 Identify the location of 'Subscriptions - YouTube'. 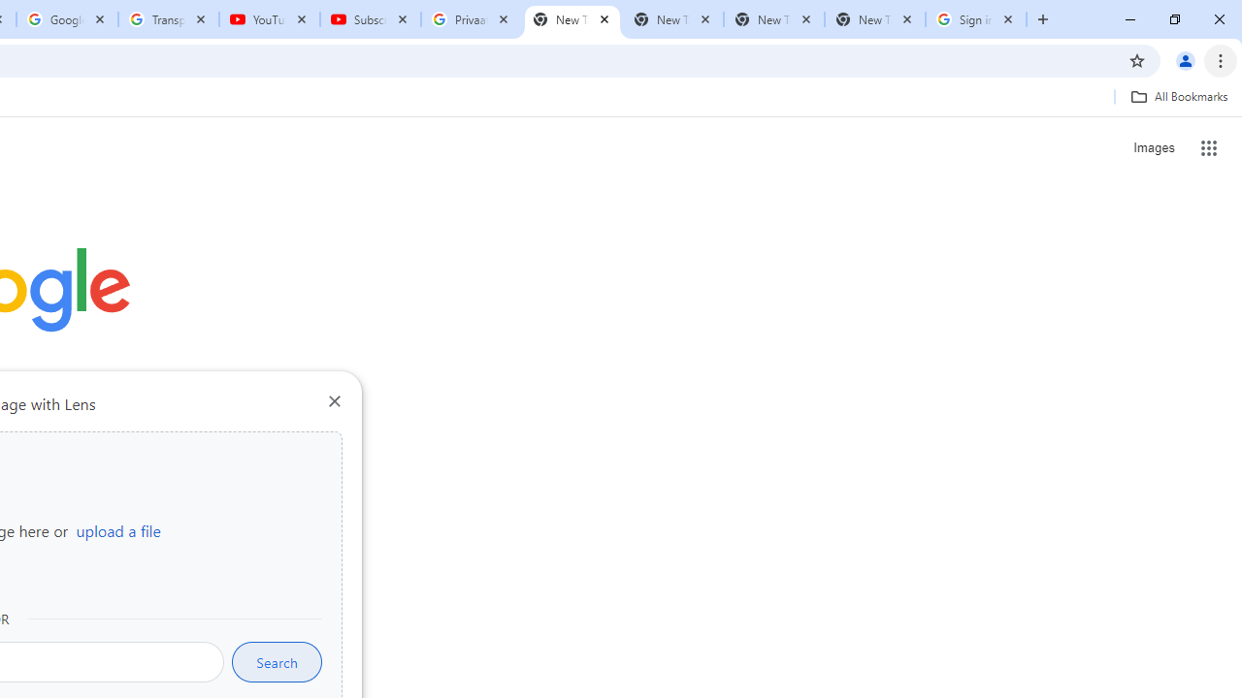
(371, 19).